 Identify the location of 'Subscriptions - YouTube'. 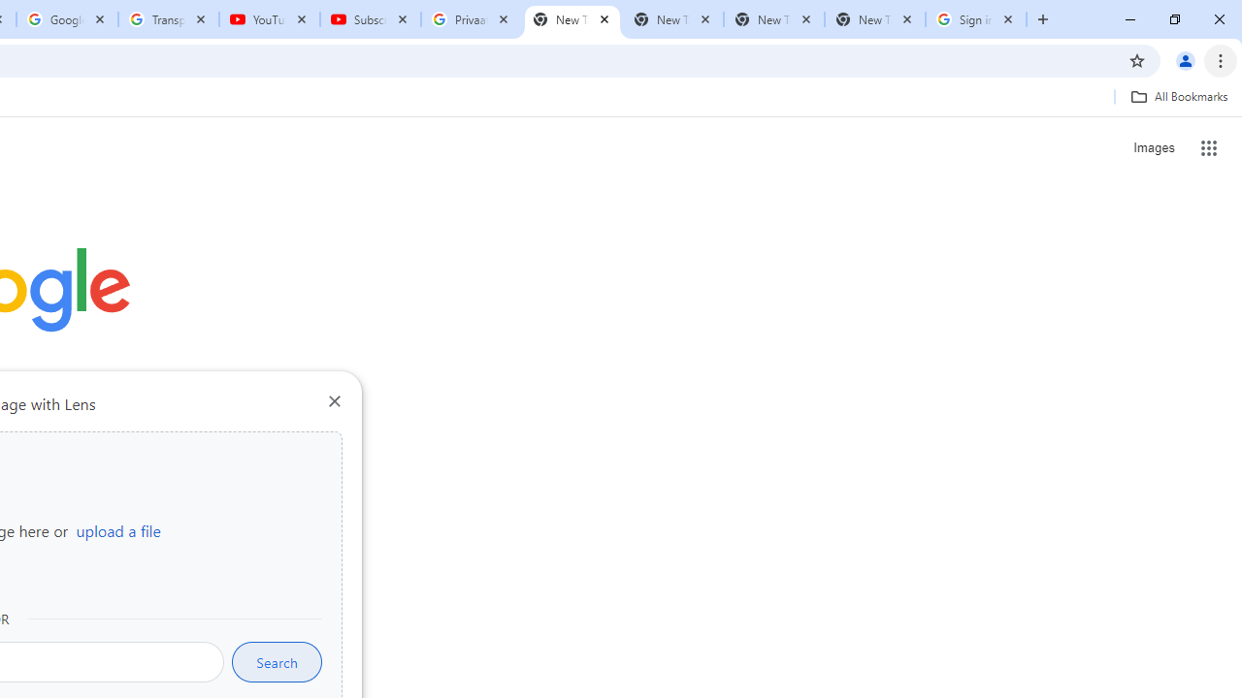
(371, 19).